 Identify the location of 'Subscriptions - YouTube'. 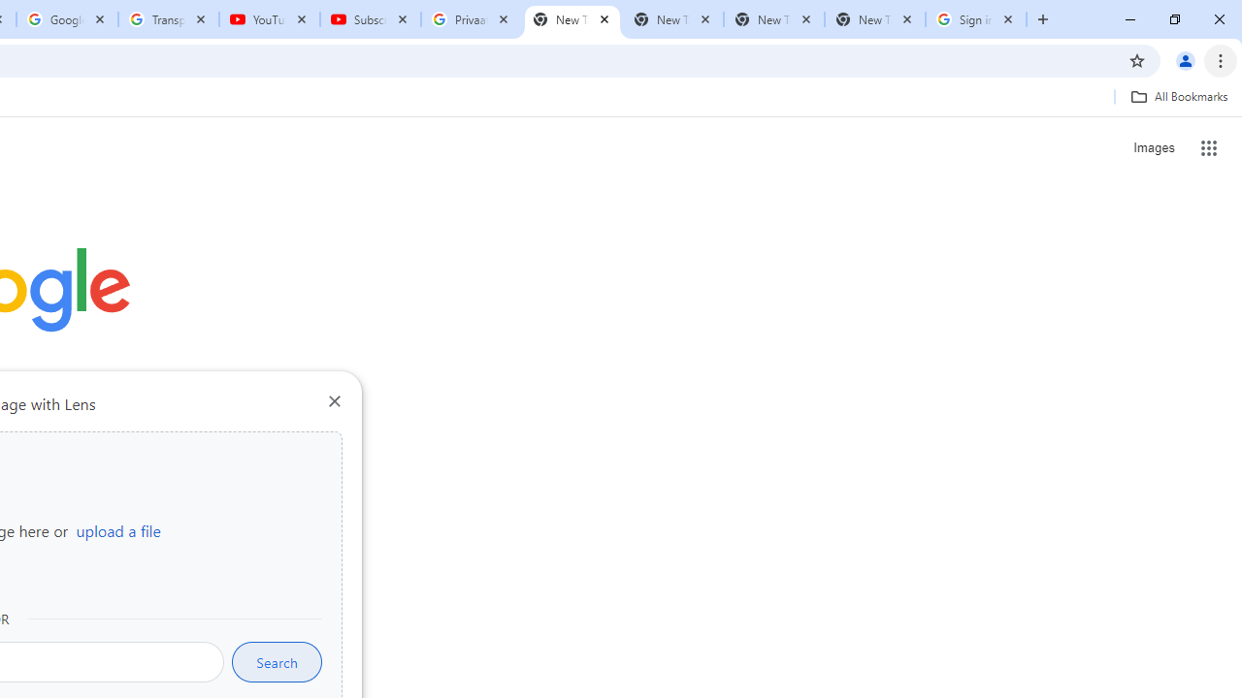
(371, 19).